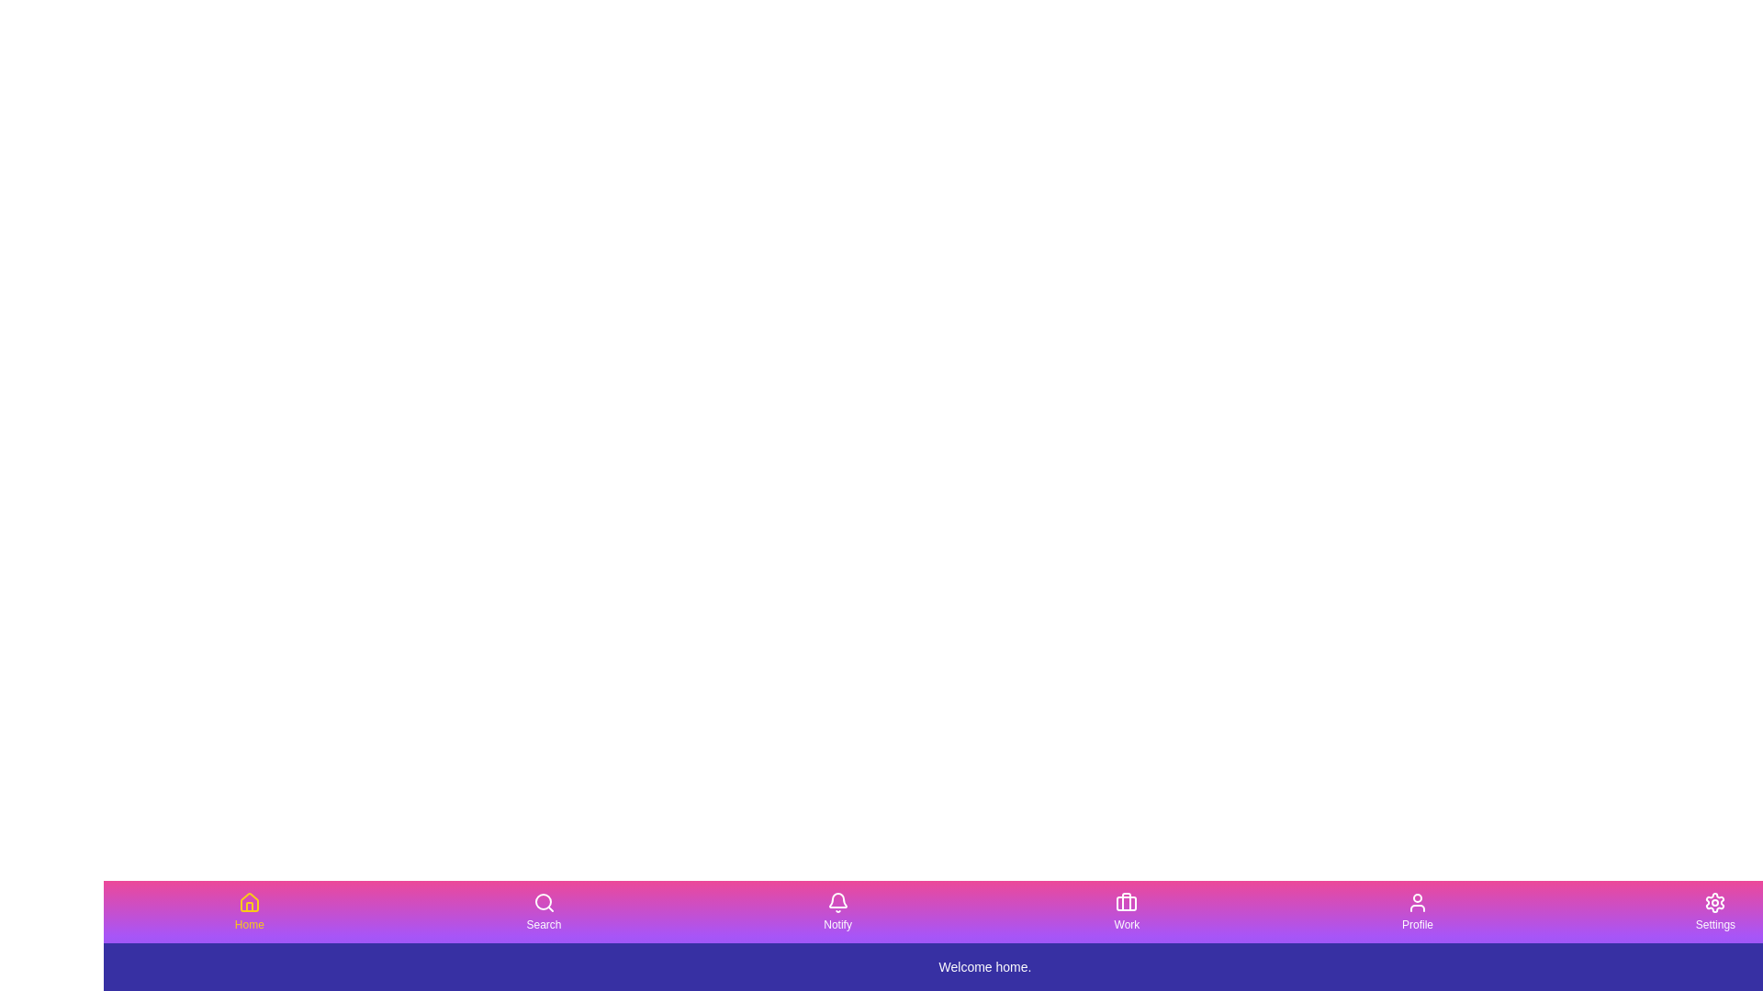  I want to click on the tab labeled Settings by clicking its button, so click(1713, 912).